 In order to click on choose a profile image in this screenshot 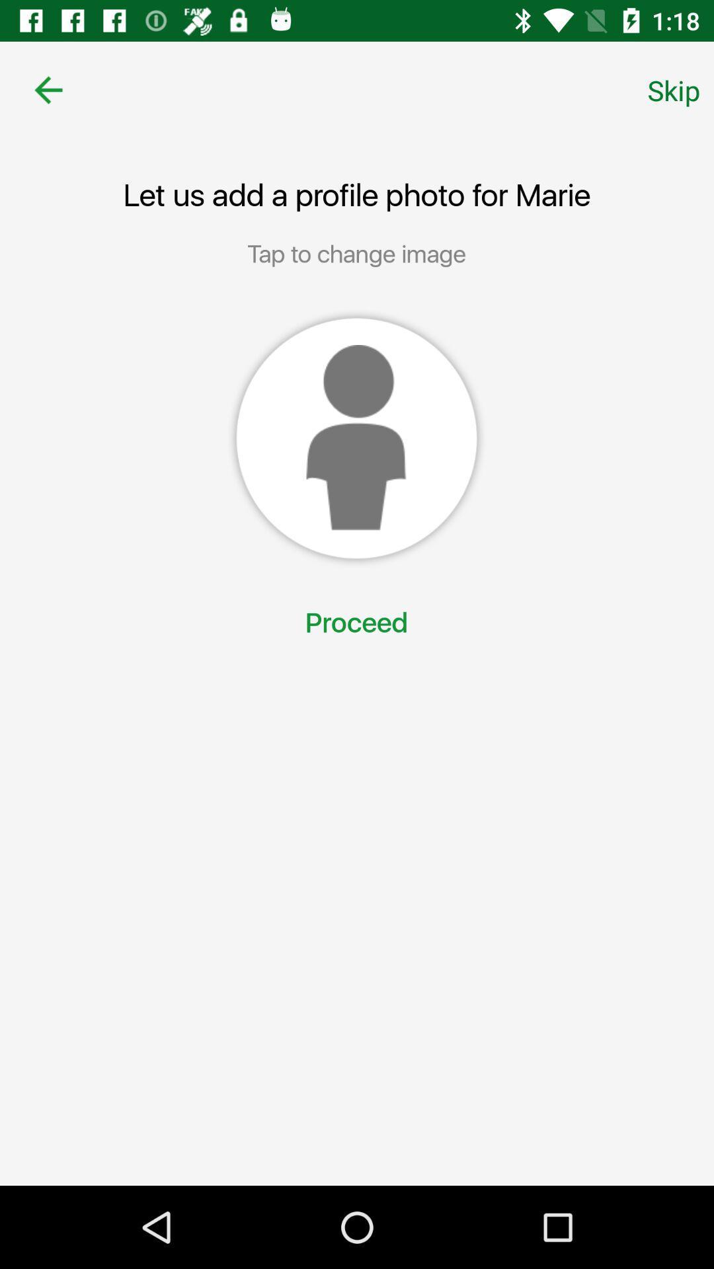, I will do `click(356, 438)`.